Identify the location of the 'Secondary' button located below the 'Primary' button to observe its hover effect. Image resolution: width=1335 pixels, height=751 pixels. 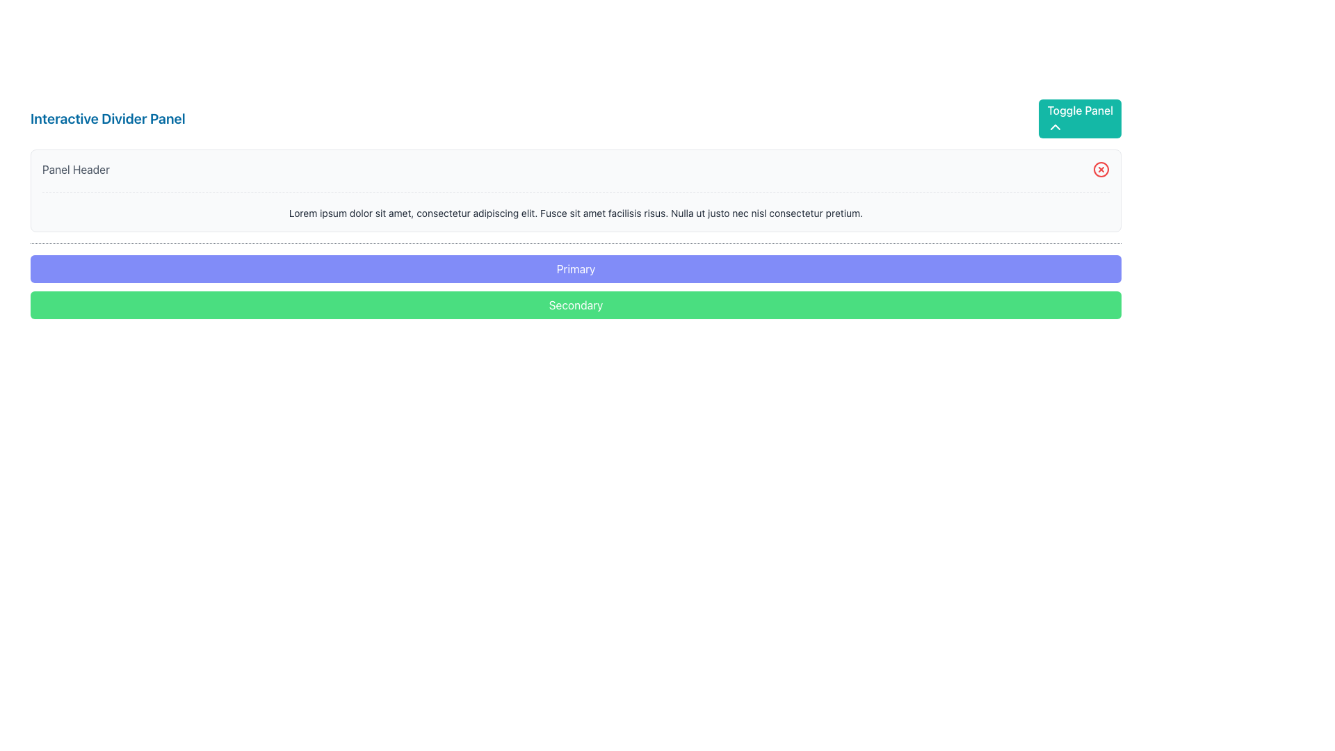
(576, 305).